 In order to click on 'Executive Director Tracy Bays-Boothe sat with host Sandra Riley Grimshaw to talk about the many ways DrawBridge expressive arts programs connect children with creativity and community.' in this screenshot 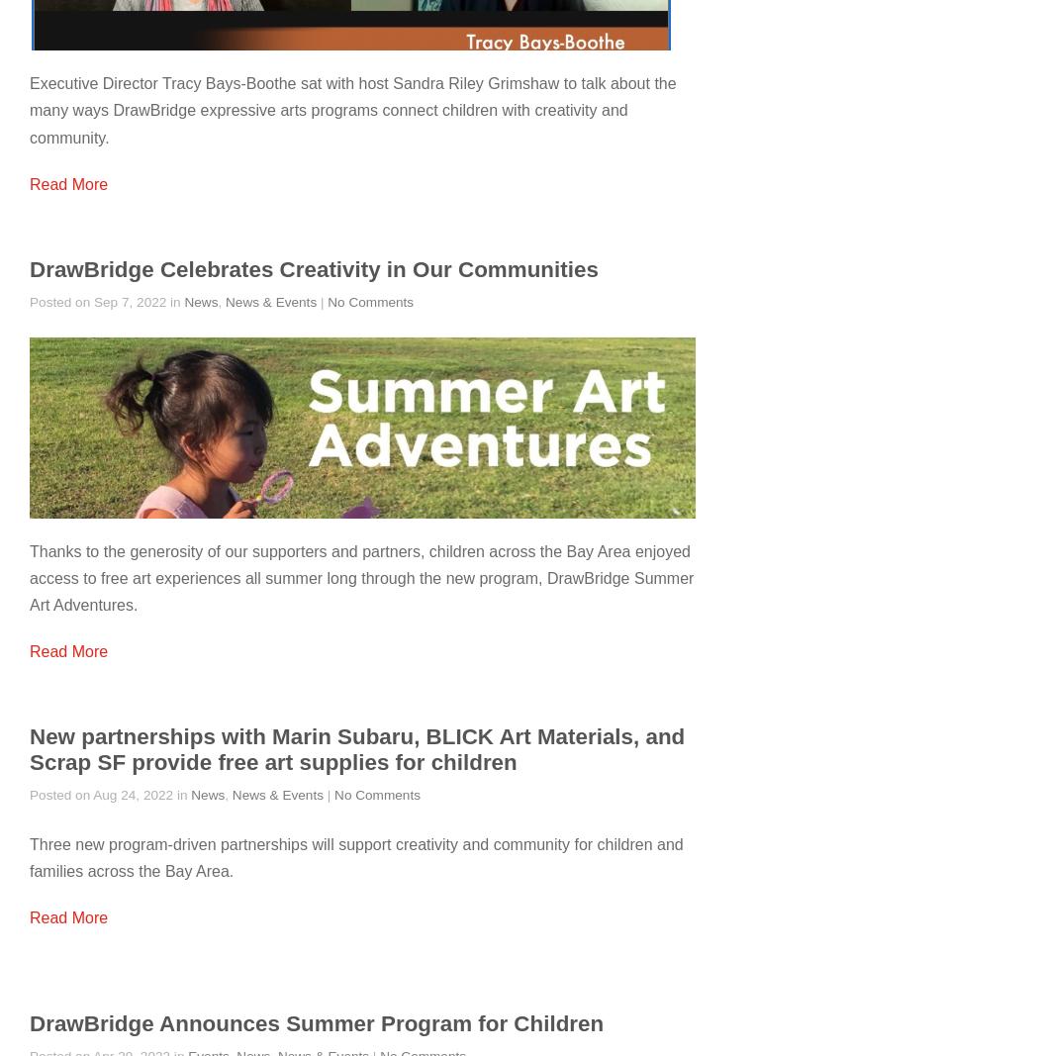, I will do `click(351, 109)`.